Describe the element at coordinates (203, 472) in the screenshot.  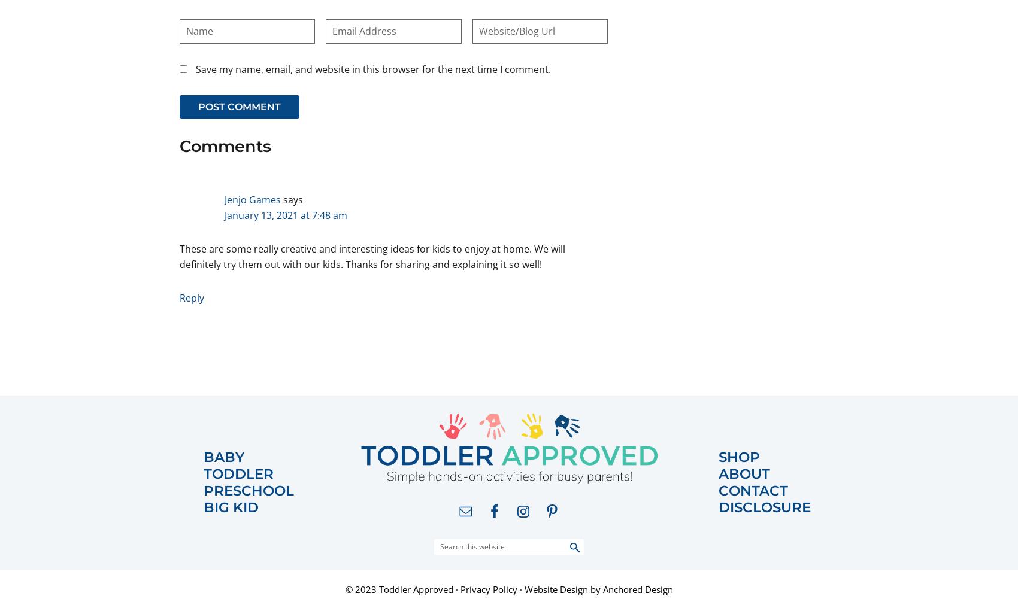
I see `'Toddler'` at that location.